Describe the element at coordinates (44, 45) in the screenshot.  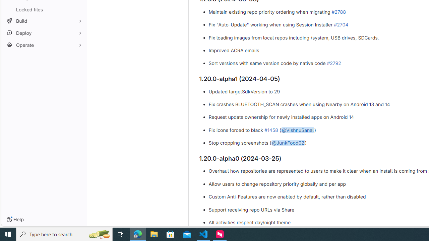
I see `'Operate'` at that location.